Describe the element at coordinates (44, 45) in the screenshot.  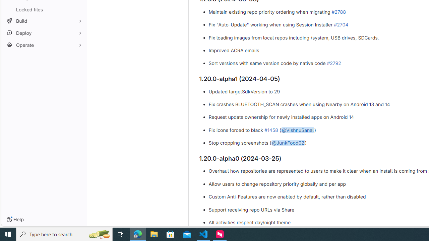
I see `'Operate'` at that location.